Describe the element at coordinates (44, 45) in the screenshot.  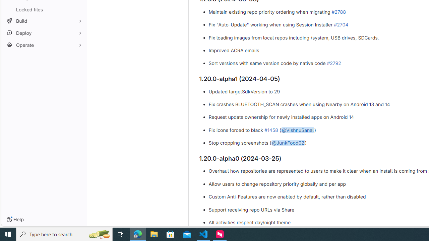
I see `'Operate'` at that location.